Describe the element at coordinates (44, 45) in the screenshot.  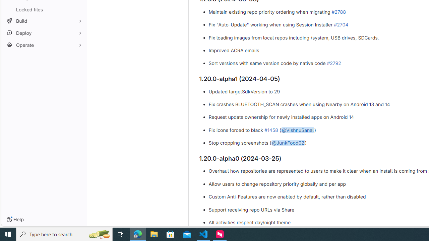
I see `'Operate'` at that location.